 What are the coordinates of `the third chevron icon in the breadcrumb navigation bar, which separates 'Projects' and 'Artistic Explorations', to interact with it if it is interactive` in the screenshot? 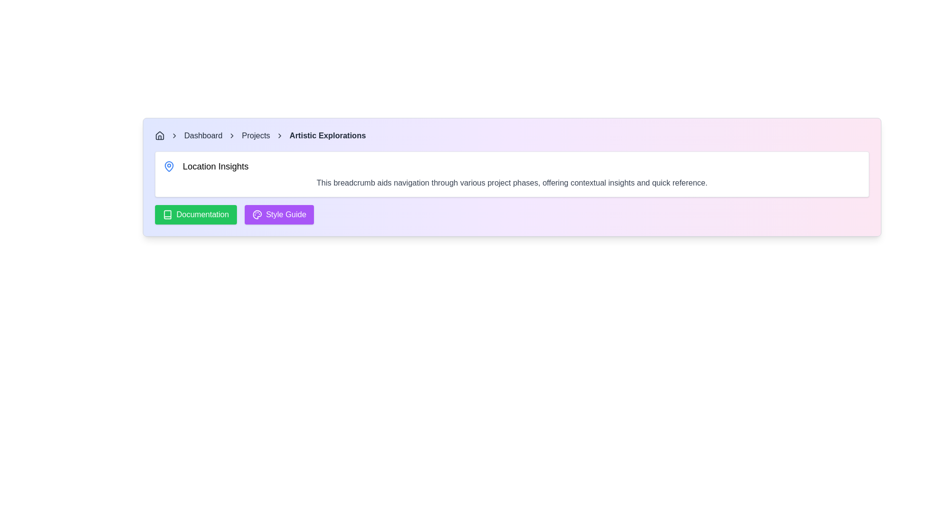 It's located at (279, 135).